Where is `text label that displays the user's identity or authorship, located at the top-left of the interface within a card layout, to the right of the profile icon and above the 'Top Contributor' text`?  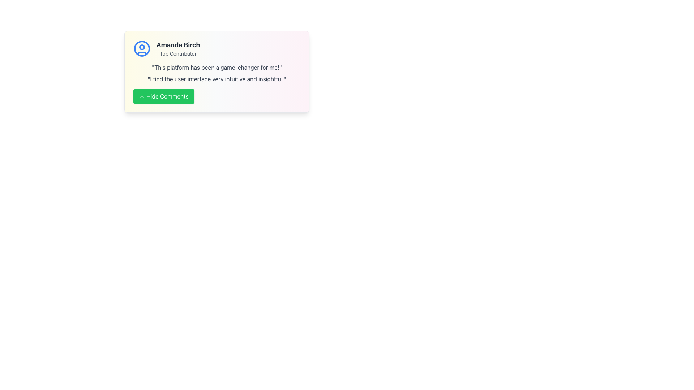
text label that displays the user's identity or authorship, located at the top-left of the interface within a card layout, to the right of the profile icon and above the 'Top Contributor' text is located at coordinates (178, 45).